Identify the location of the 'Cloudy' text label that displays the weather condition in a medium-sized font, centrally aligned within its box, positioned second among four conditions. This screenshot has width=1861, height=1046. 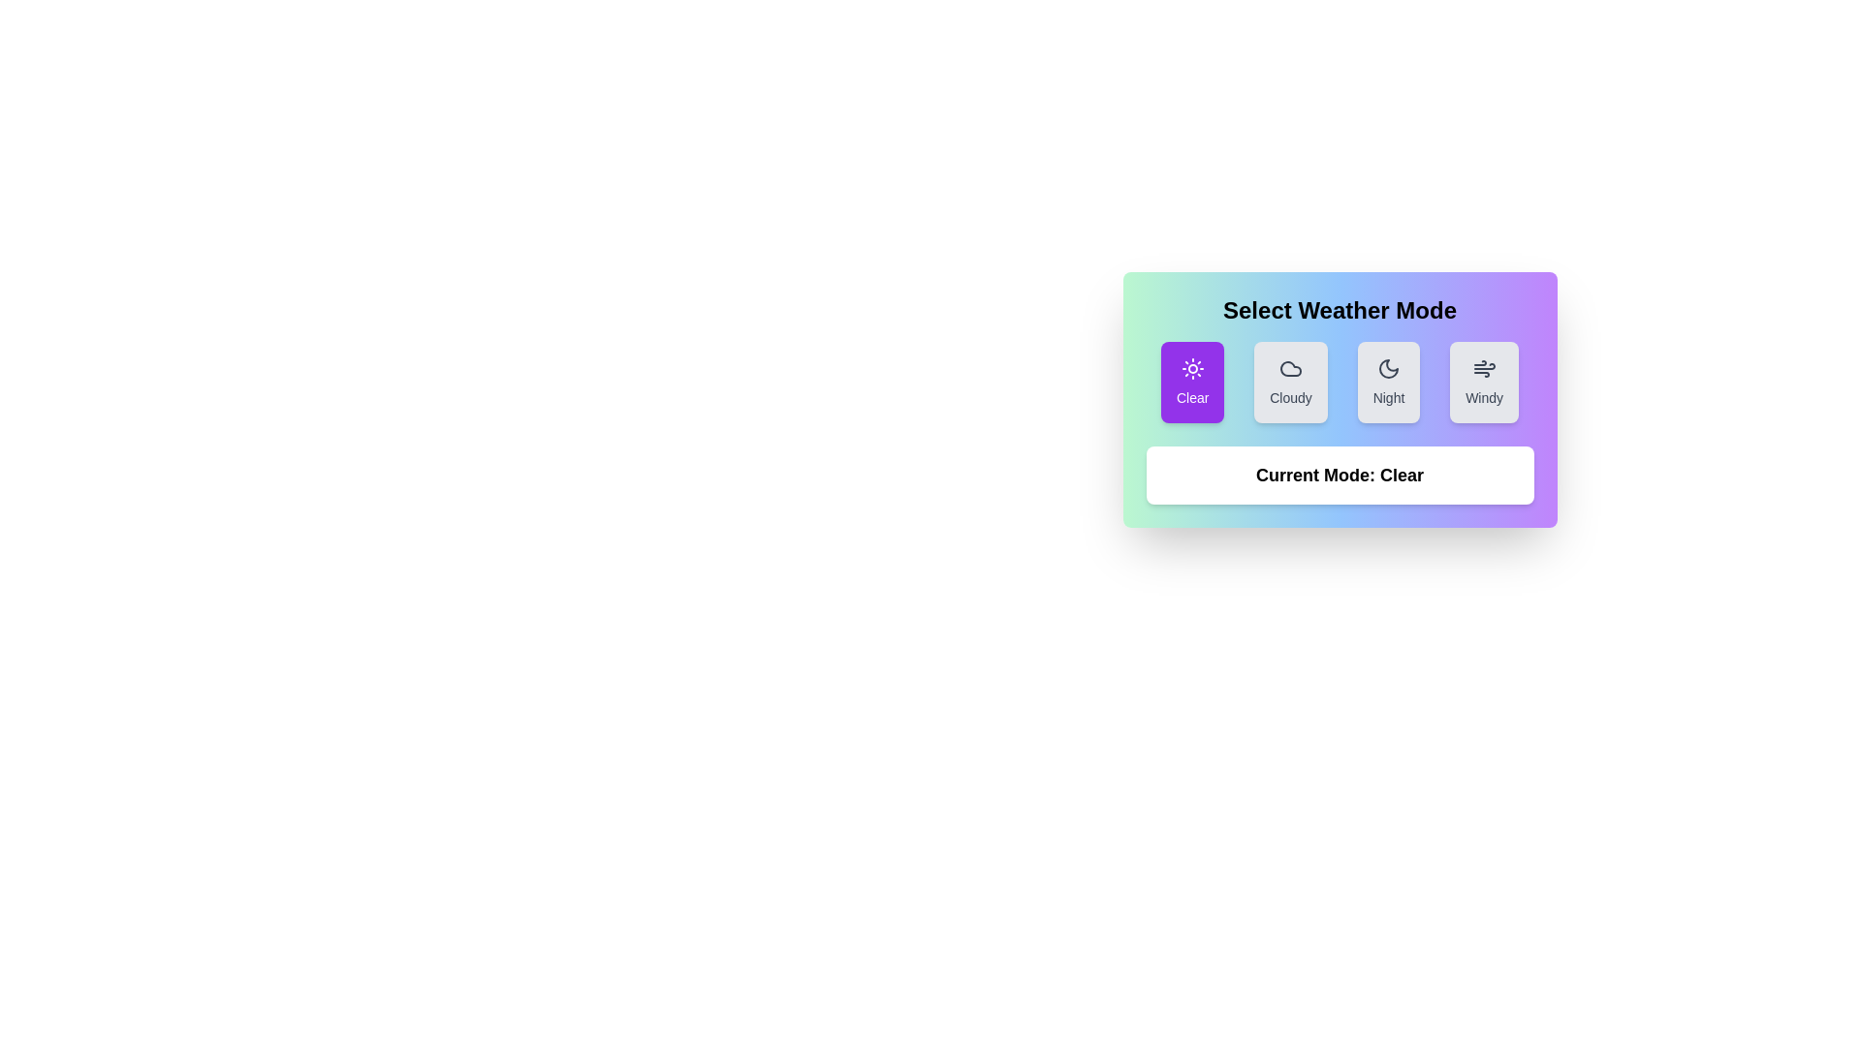
(1290, 397).